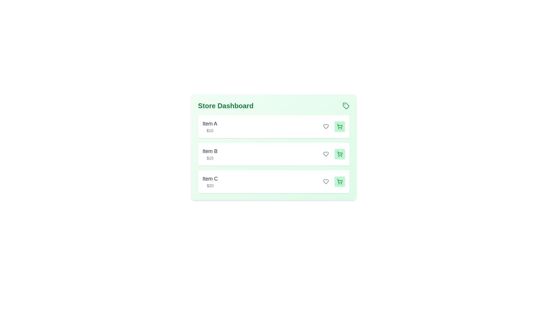 The width and height of the screenshot is (551, 310). Describe the element at coordinates (326, 154) in the screenshot. I see `the heart icon button for 'Item B'` at that location.